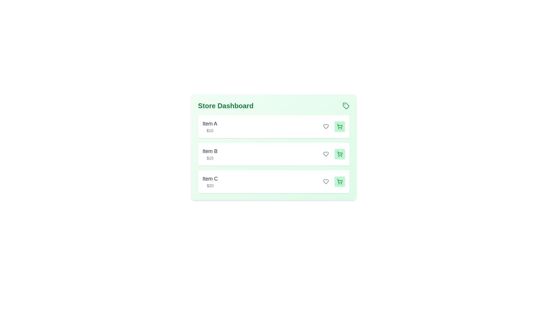 The width and height of the screenshot is (551, 310). Describe the element at coordinates (326, 154) in the screenshot. I see `the heart icon button for 'Item B'` at that location.